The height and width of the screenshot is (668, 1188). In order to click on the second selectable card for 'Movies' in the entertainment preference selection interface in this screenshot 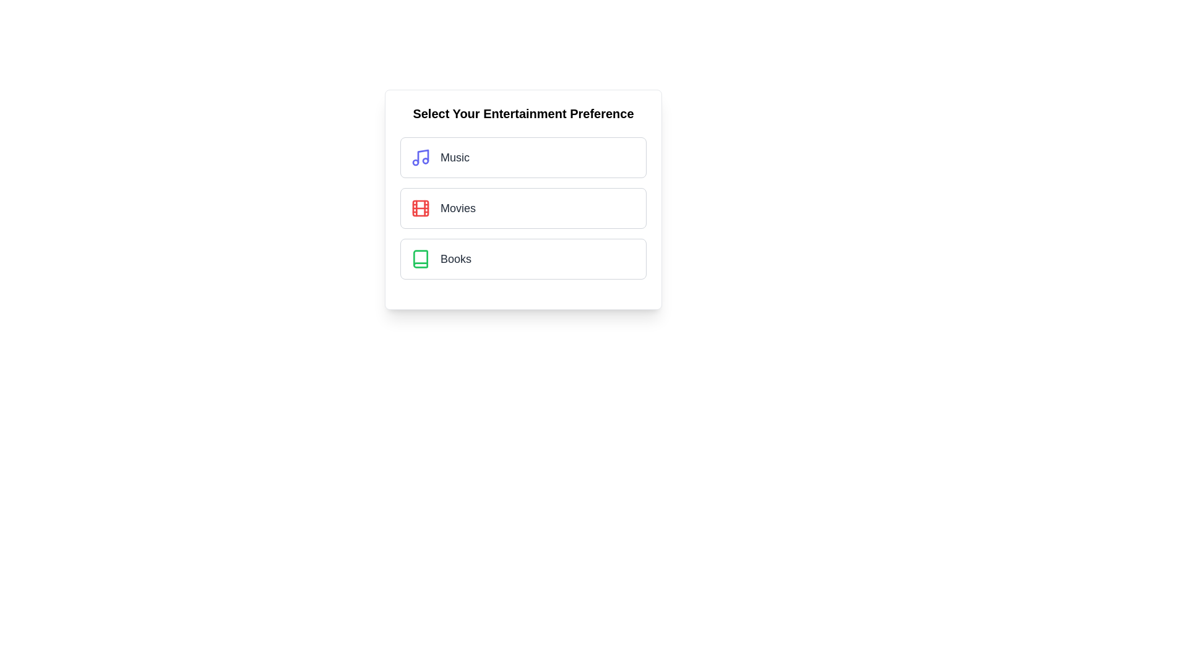, I will do `click(523, 207)`.